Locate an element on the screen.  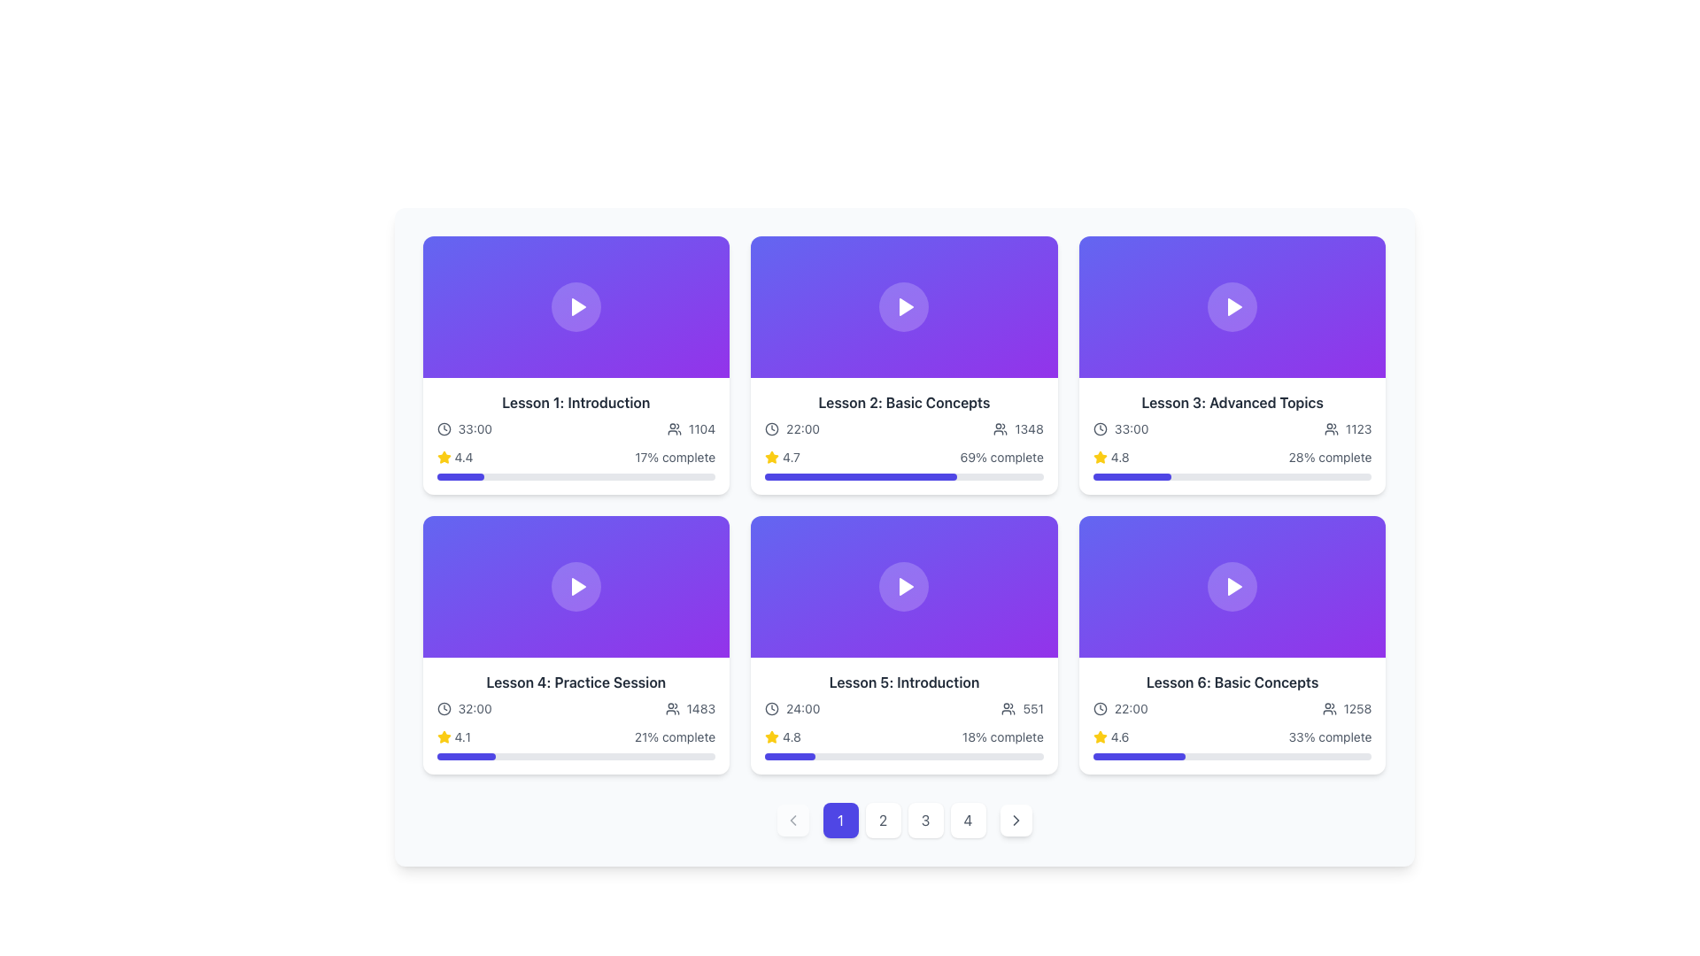
the Multimedia content button area, which features a gradient background transitioning from indigo to purple with a central circular button and white play icon, to play the multimedia content is located at coordinates (576, 587).